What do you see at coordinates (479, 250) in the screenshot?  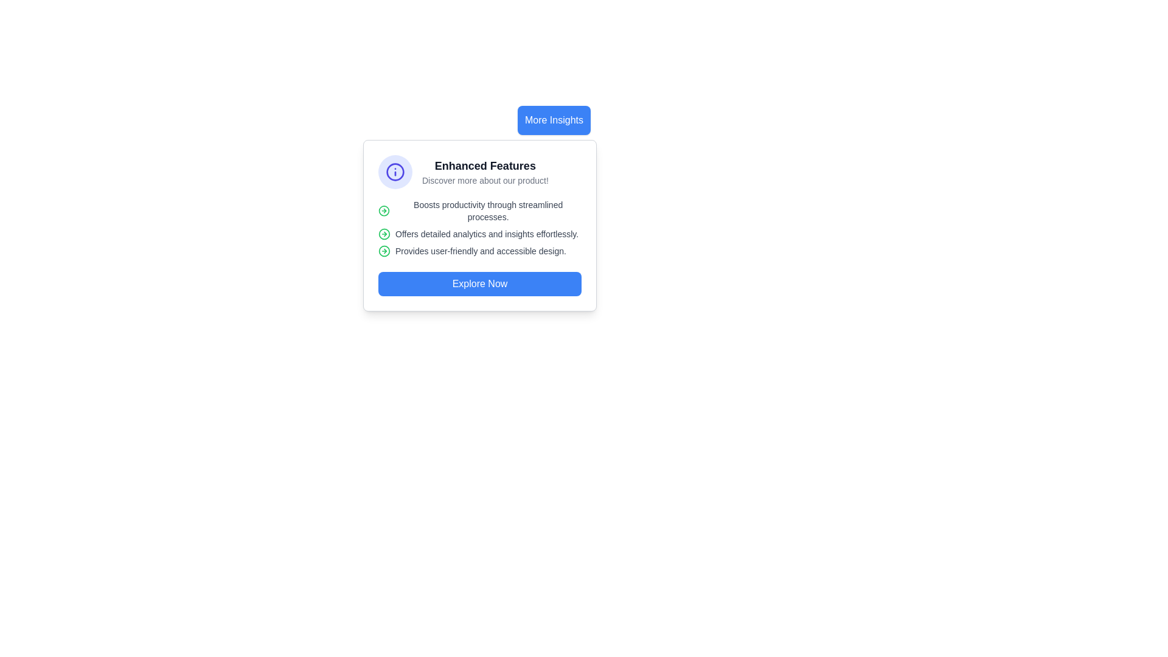 I see `the third text item in the vertical list under the subtitle 'Enhanced Features', which communicates a benefit or feature with an accompanying icon` at bounding box center [479, 250].